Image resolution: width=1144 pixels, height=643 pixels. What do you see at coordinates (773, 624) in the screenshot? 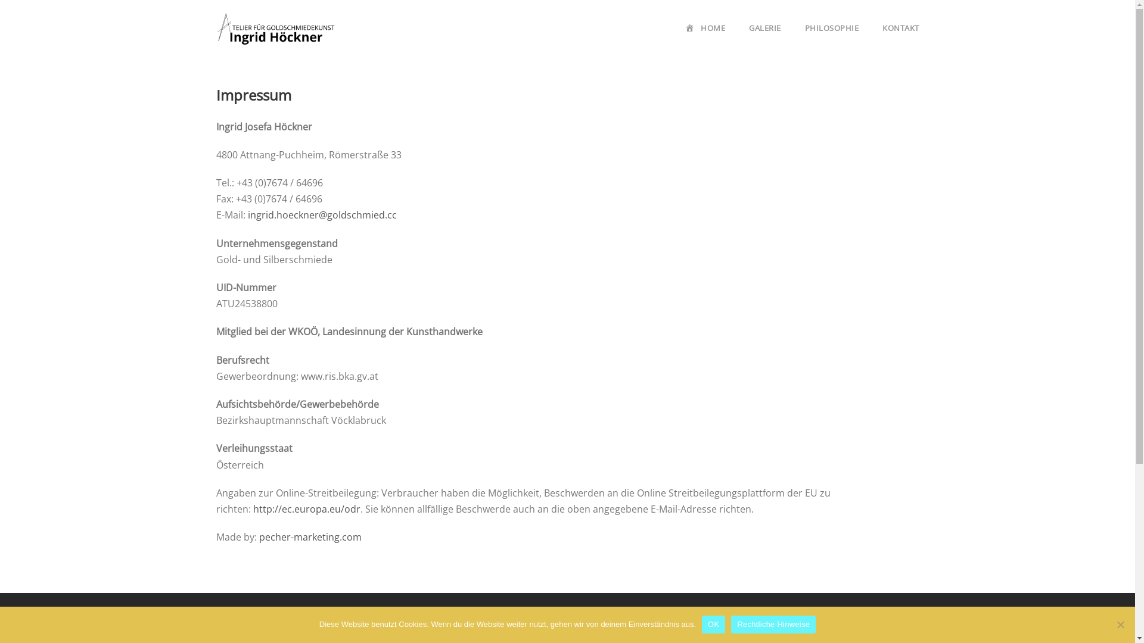
I see `'Rechtliche Hinweise'` at bounding box center [773, 624].